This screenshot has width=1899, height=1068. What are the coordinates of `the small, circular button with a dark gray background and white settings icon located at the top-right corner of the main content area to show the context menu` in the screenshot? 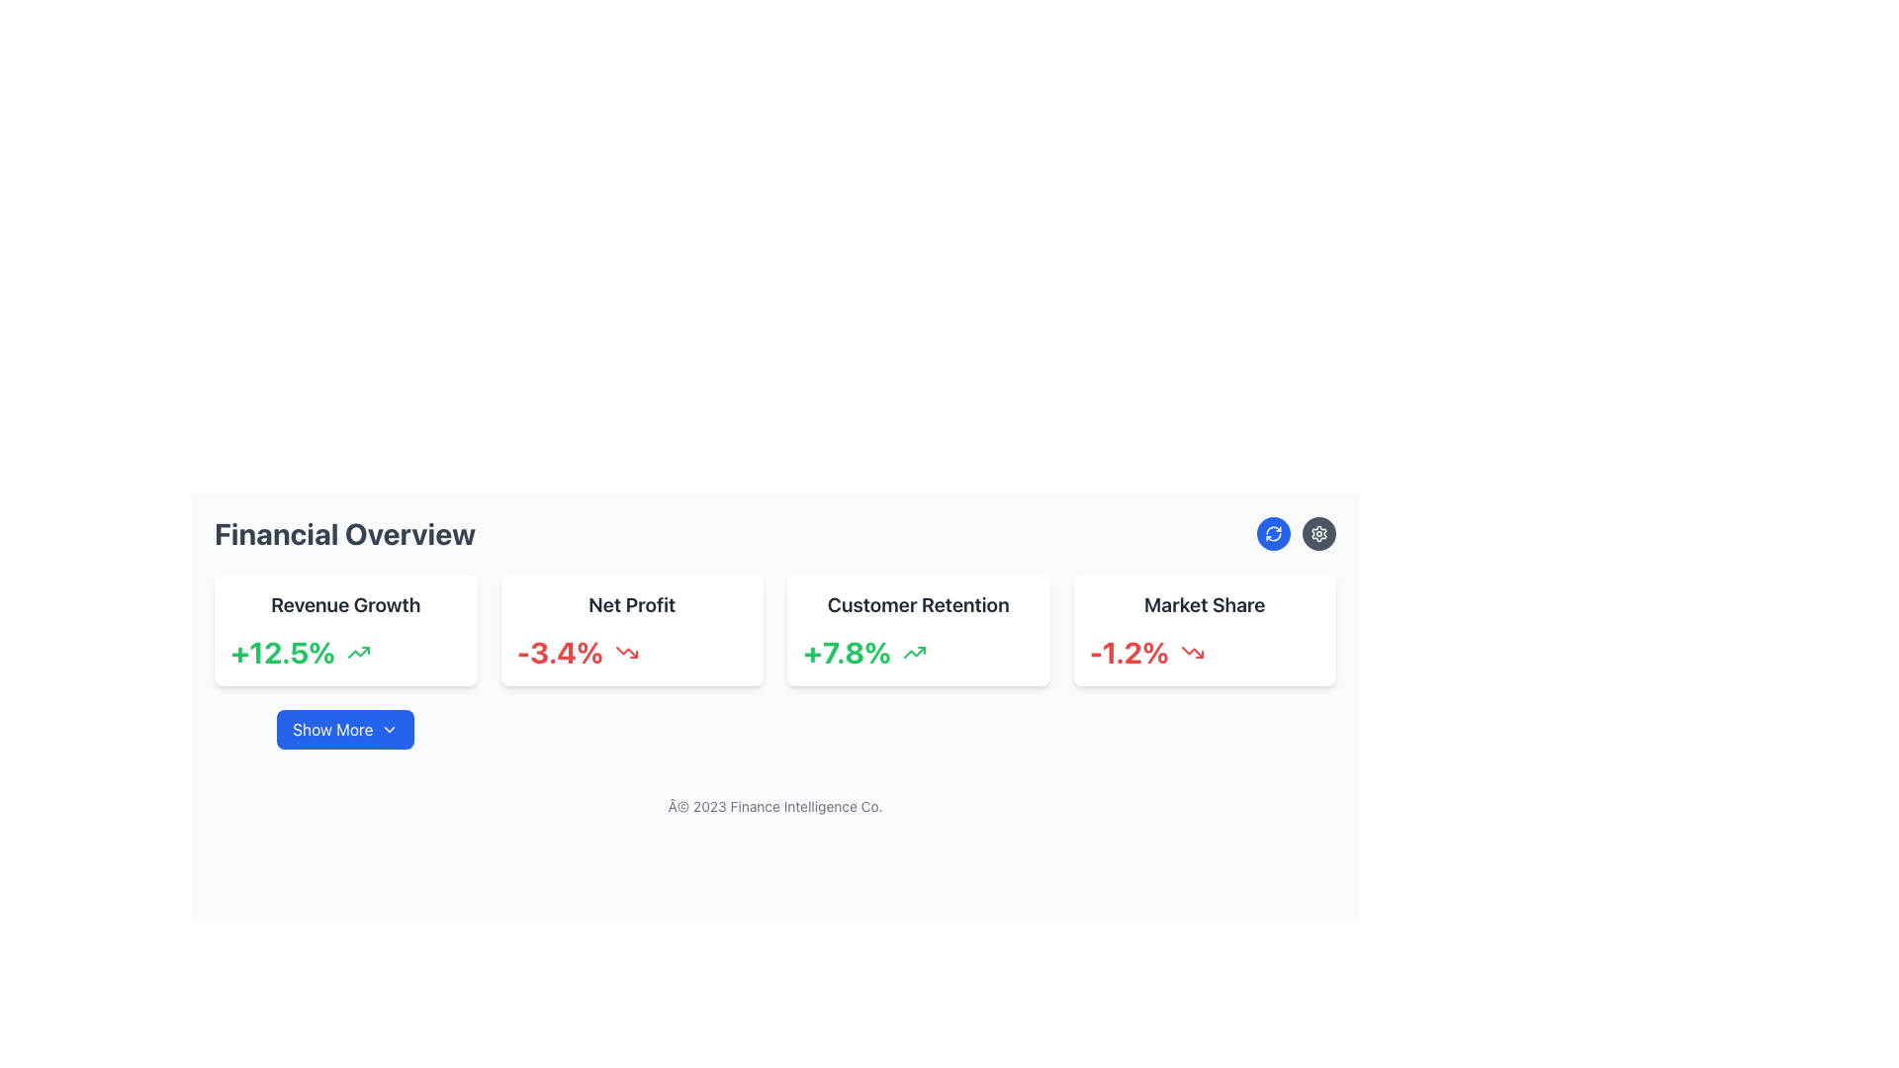 It's located at (1319, 534).